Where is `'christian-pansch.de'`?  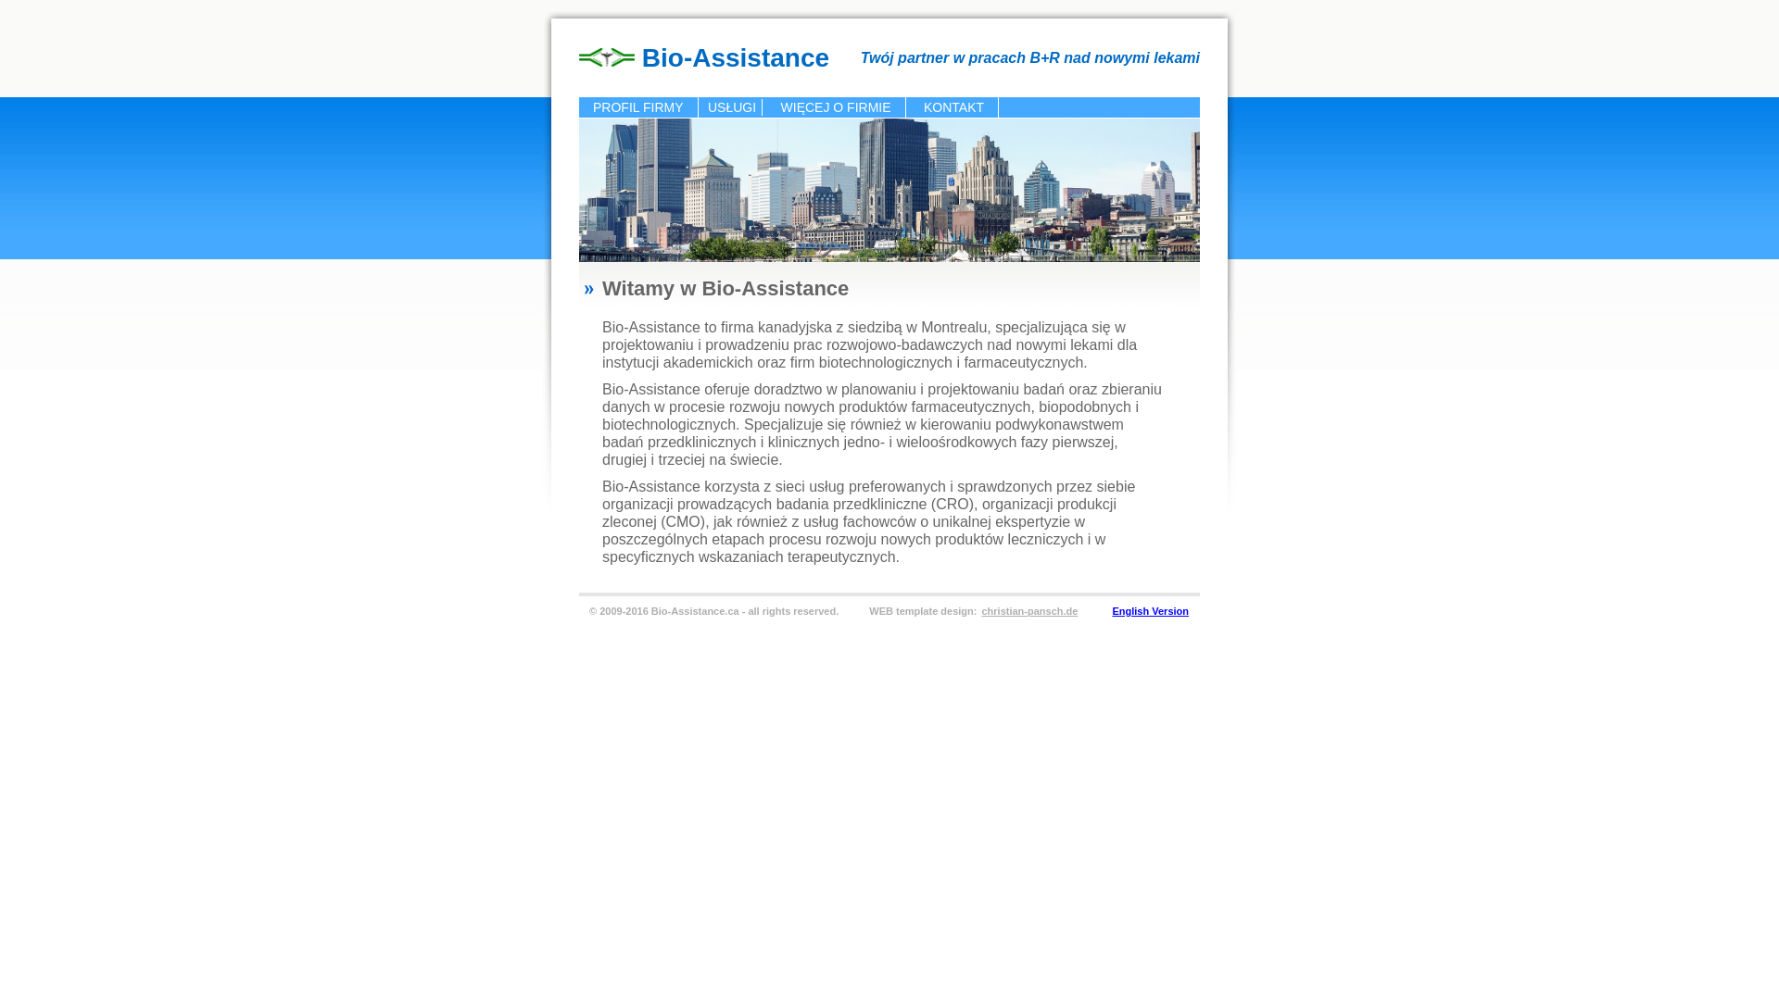
'christian-pansch.de' is located at coordinates (978, 610).